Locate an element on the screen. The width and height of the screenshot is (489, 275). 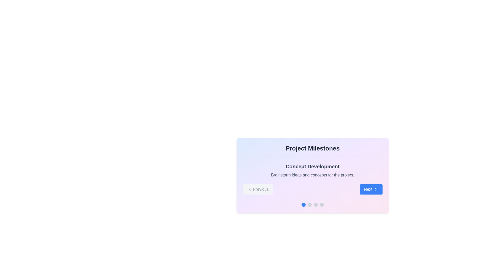
the 'Previous' button located at the bottom-left corner of the card interface, which contains the left-facing chevron arrow icon is located at coordinates (250, 189).